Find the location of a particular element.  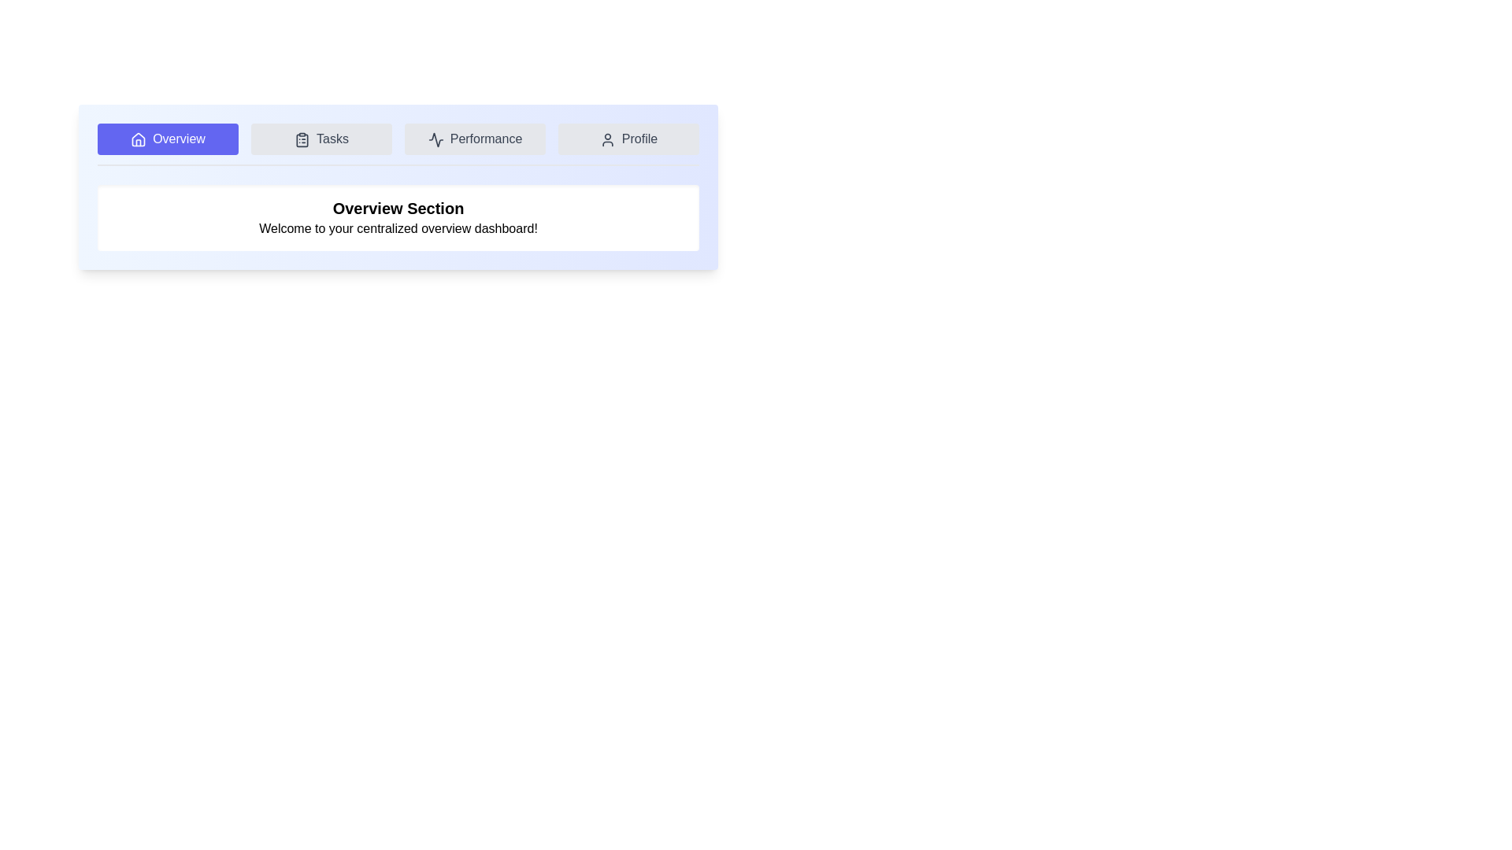

the decorative clipboard list icon SVG that visually represents the 'Tasks' function, located in the navigation bar adjacent to the 'Overview' section is located at coordinates (302, 139).